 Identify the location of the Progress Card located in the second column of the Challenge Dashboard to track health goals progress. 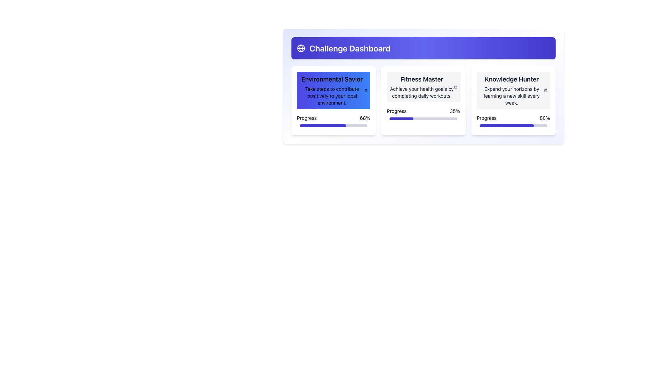
(423, 86).